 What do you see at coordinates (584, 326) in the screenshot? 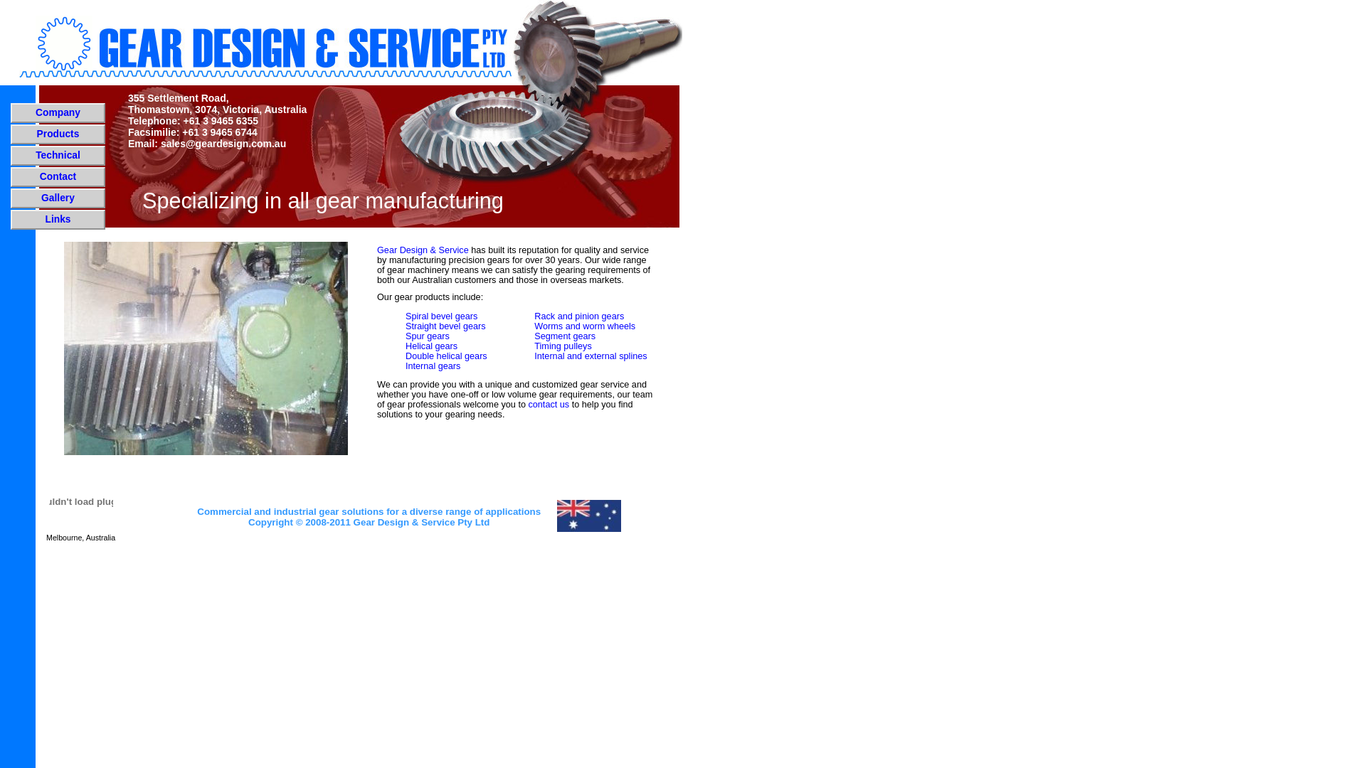
I see `'Worms and worm wheels'` at bounding box center [584, 326].